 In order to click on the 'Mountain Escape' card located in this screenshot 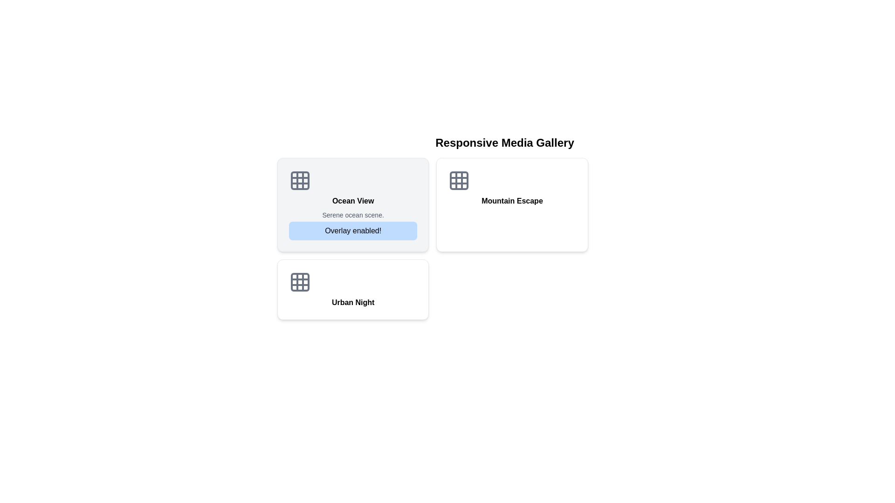, I will do `click(512, 204)`.